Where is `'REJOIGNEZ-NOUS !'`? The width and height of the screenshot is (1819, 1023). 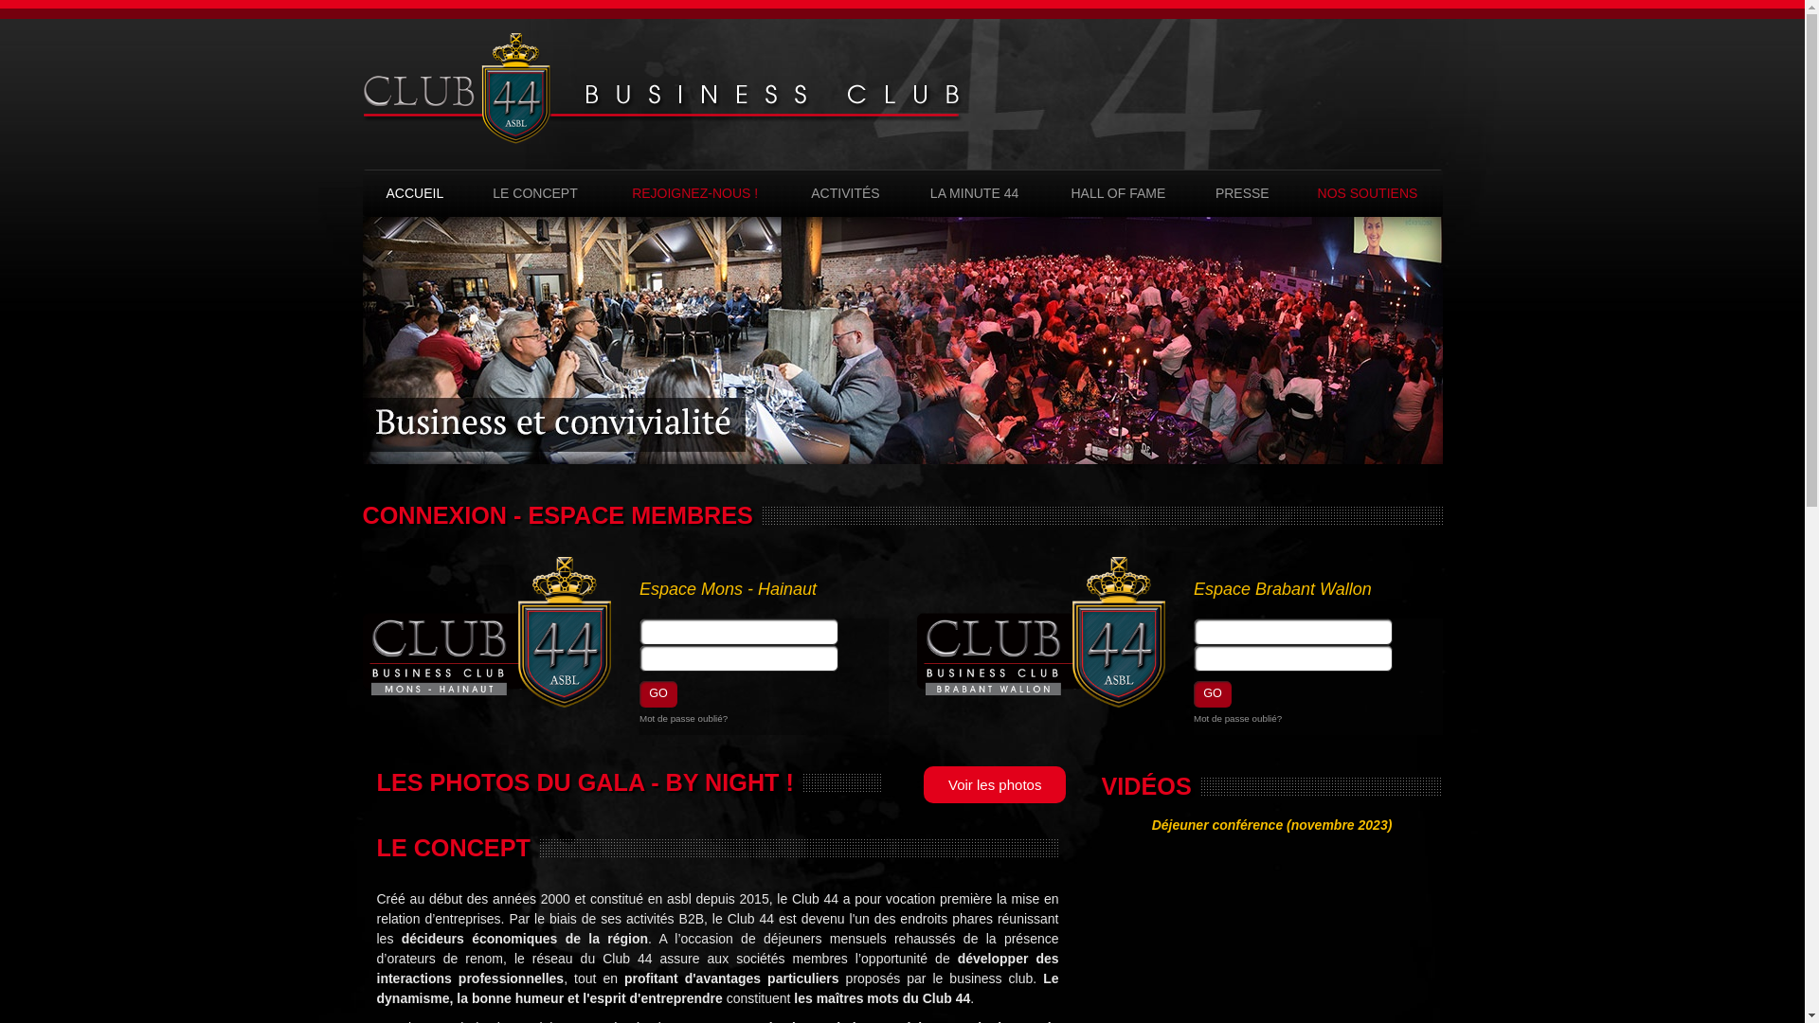 'REJOIGNEZ-NOUS !' is located at coordinates (618, 193).